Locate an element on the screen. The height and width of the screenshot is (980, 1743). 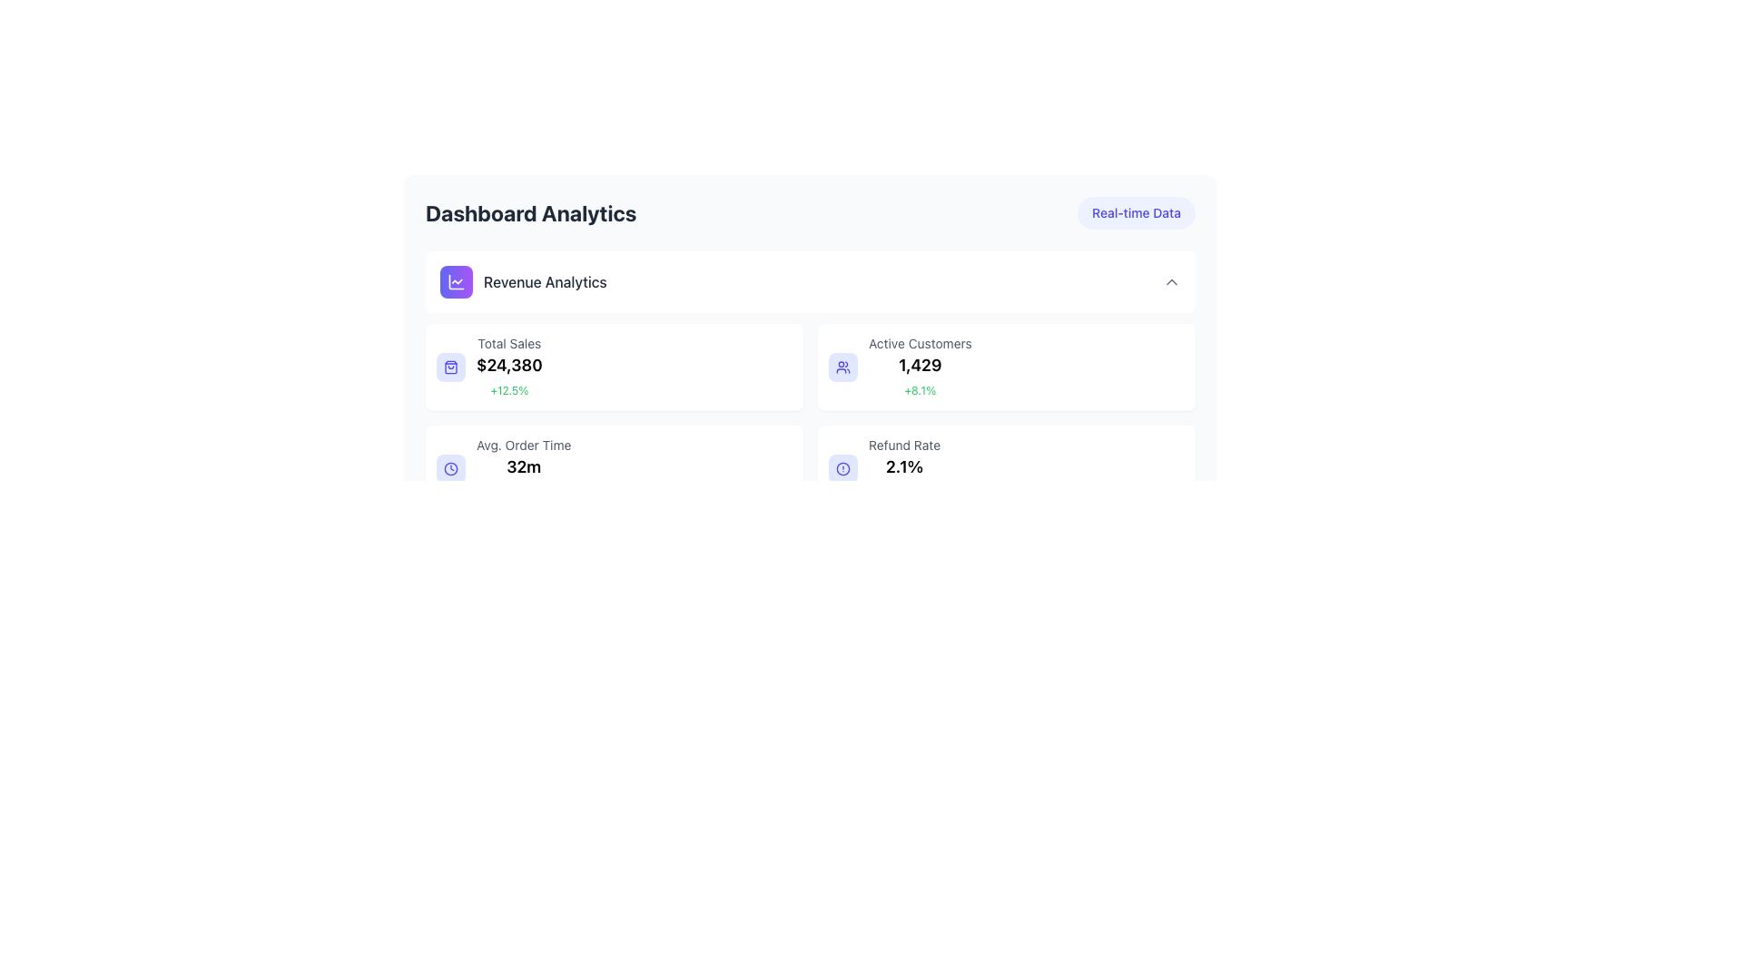
the center area of the Dashboard card located within the 'Dashboard Analytics' section, which presents key analytics metrics in a visually organized format is located at coordinates (809, 401).